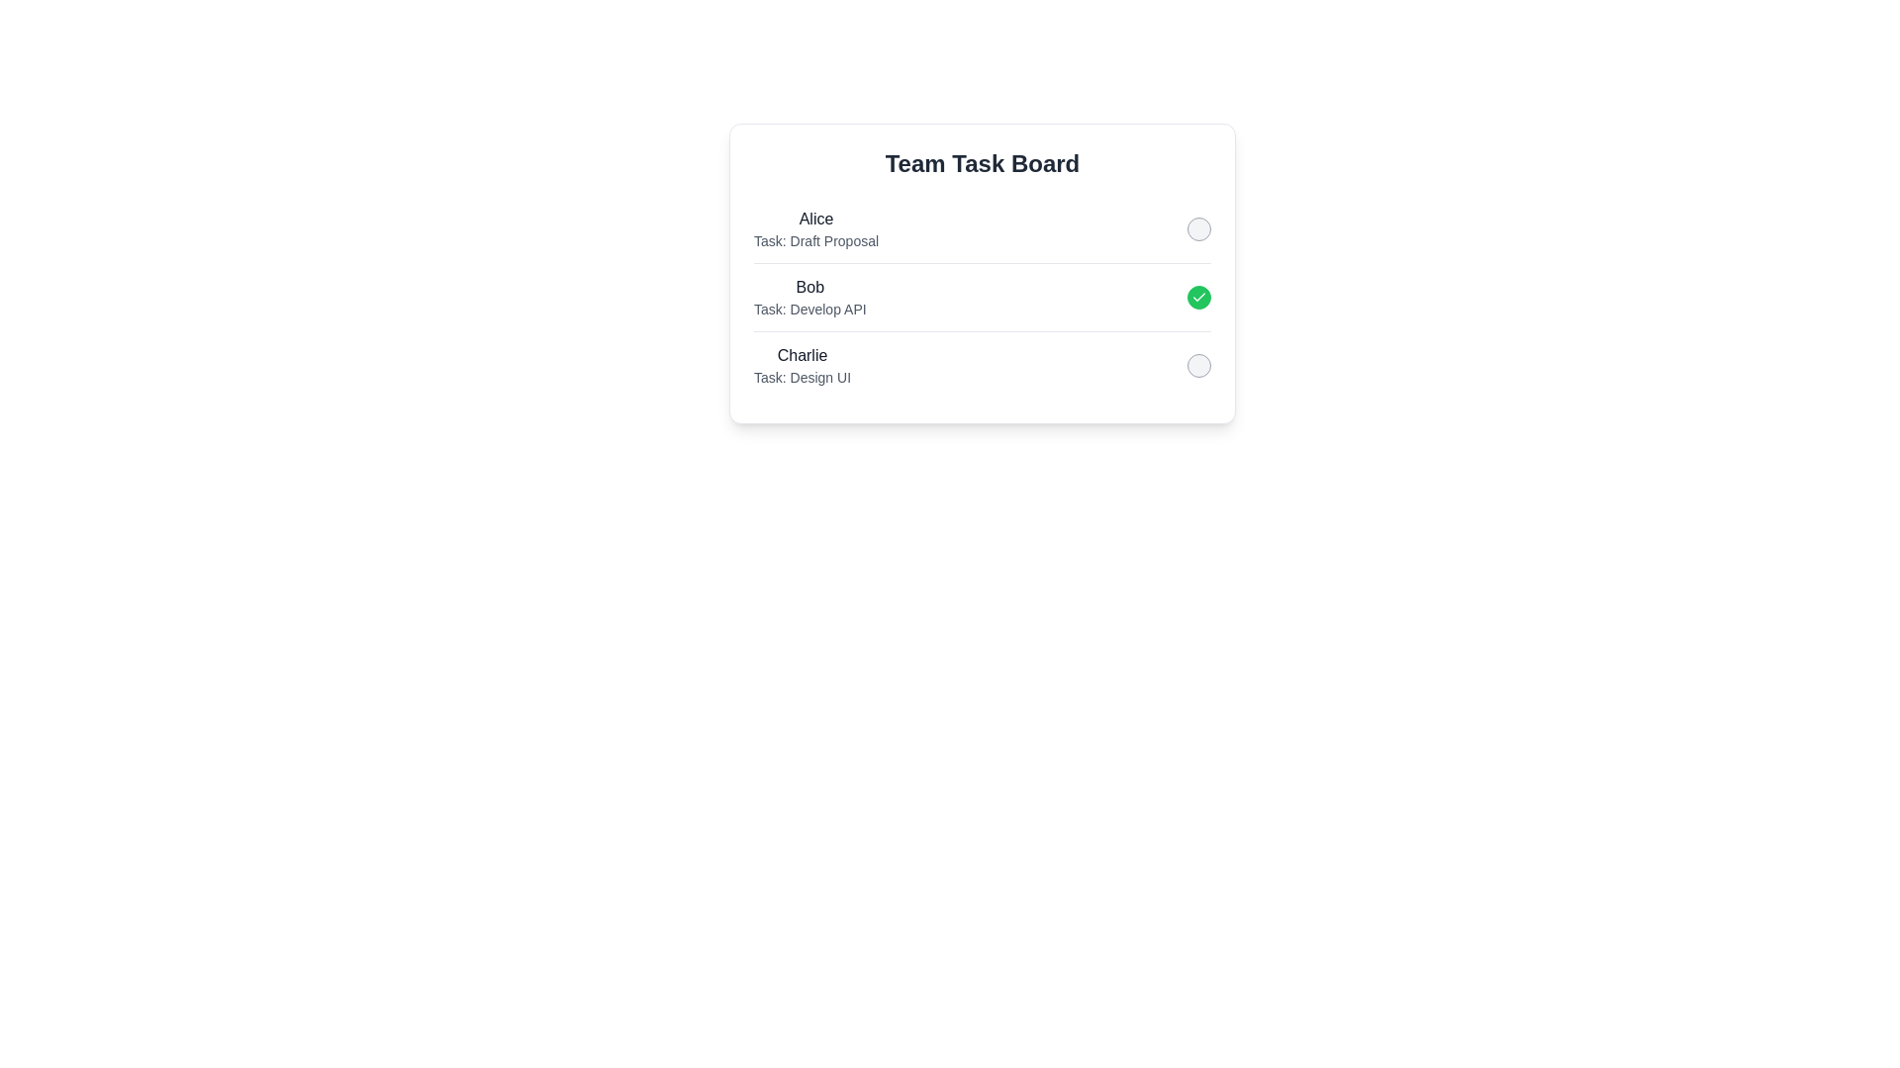 This screenshot has width=1900, height=1068. Describe the element at coordinates (1197, 297) in the screenshot. I see `the status indicator for the task assigned to Bob` at that location.